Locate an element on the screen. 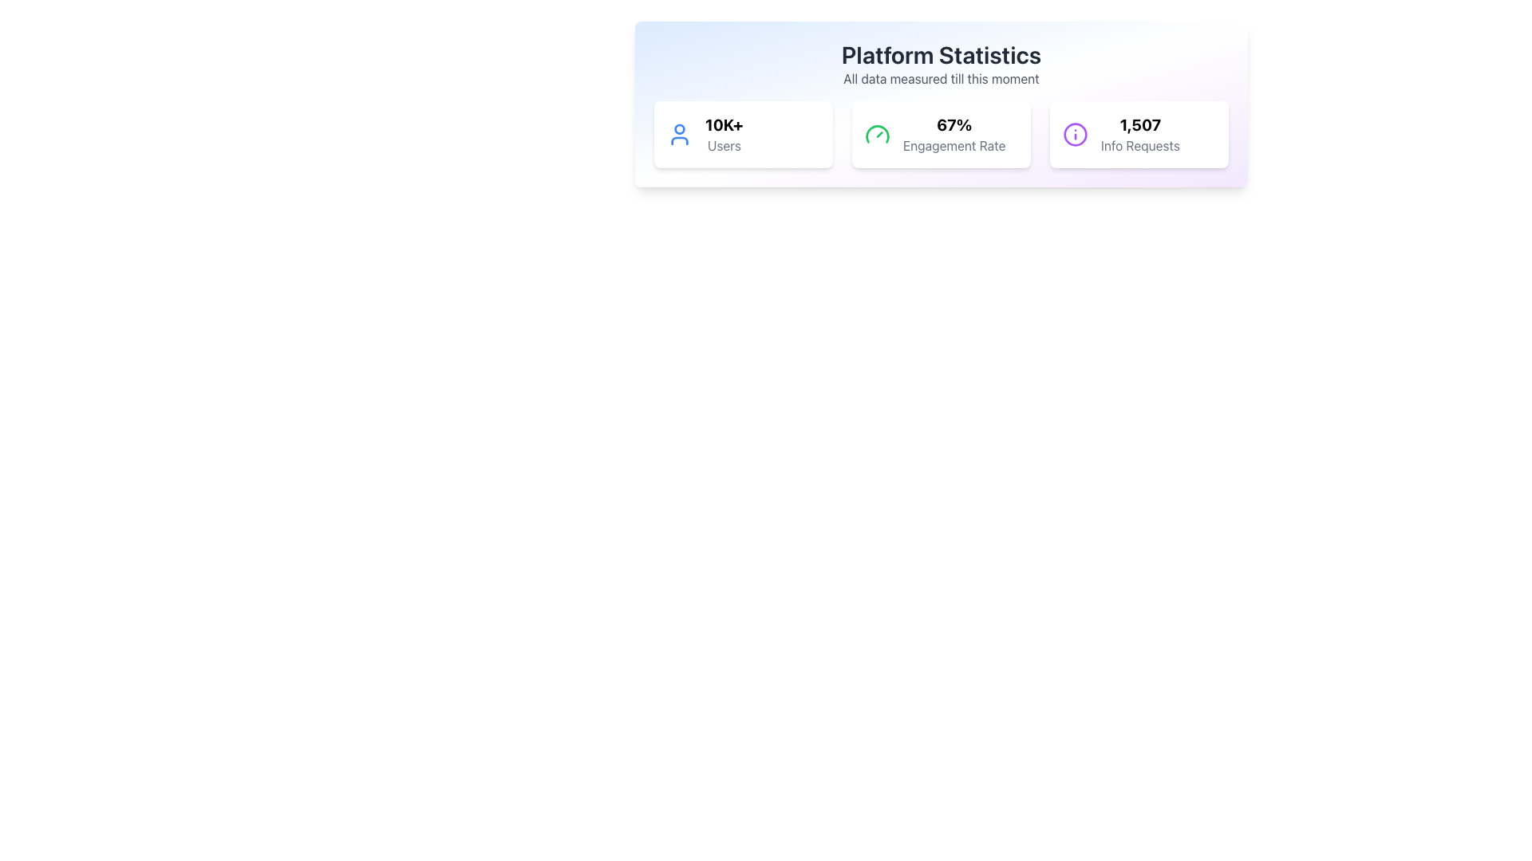 This screenshot has height=861, width=1532. the engagement rate statistic text label, which displays '67%' and is located in the center panel of the statistics dashboard is located at coordinates (954, 124).